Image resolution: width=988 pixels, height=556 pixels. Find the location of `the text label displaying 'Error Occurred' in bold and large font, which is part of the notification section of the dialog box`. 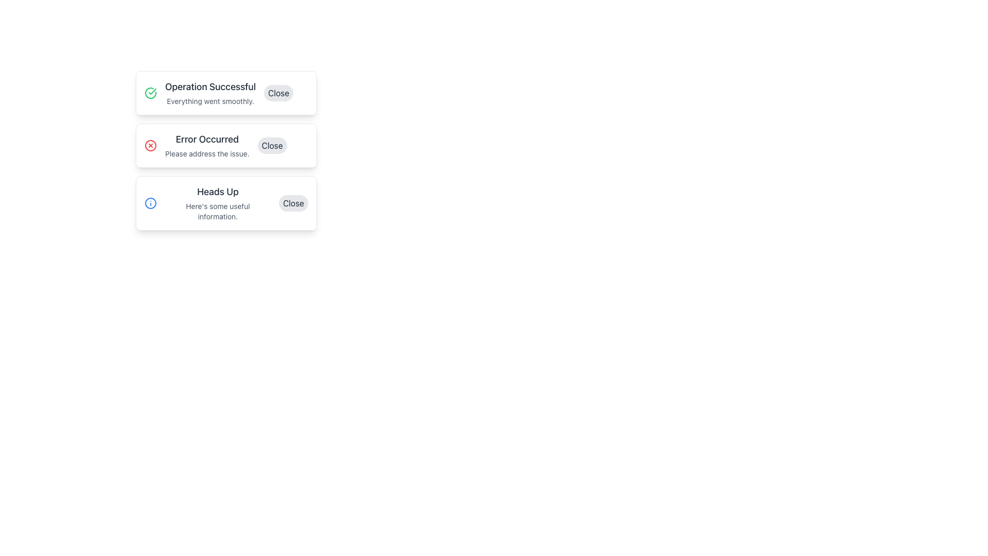

the text label displaying 'Error Occurred' in bold and large font, which is part of the notification section of the dialog box is located at coordinates (206, 139).